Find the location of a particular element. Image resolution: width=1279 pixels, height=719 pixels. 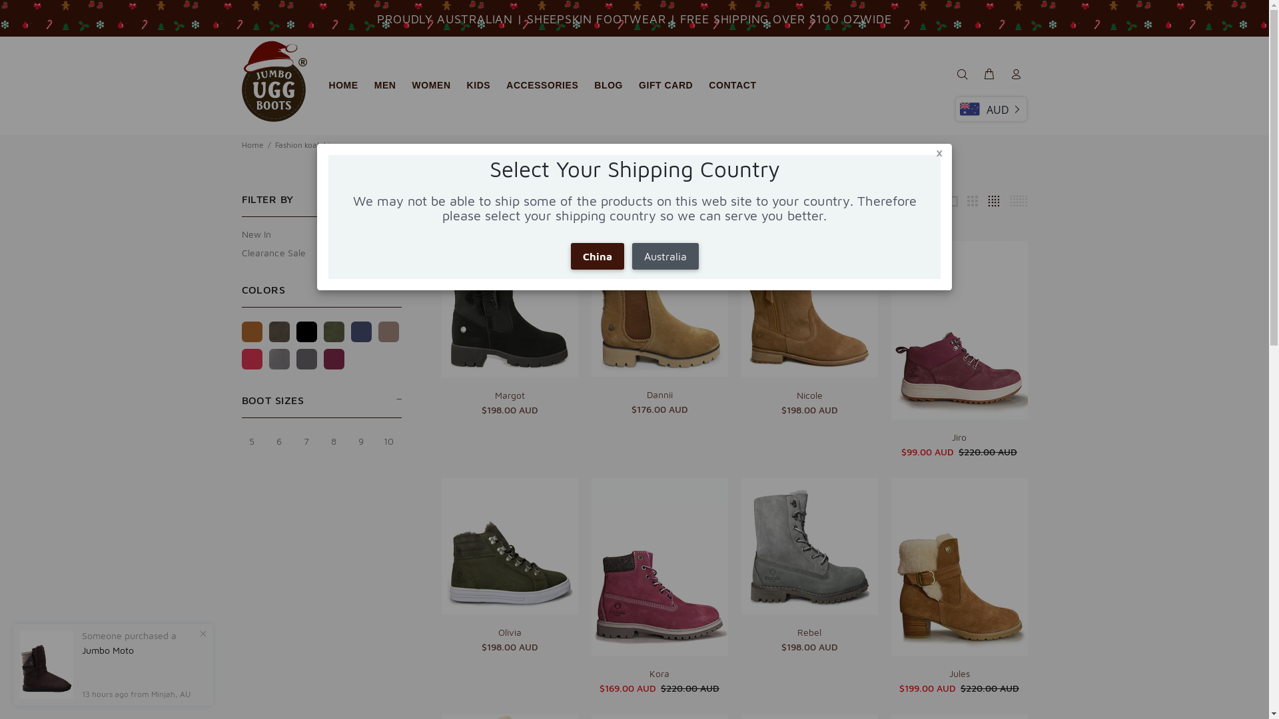

'New In' is located at coordinates (320, 233).